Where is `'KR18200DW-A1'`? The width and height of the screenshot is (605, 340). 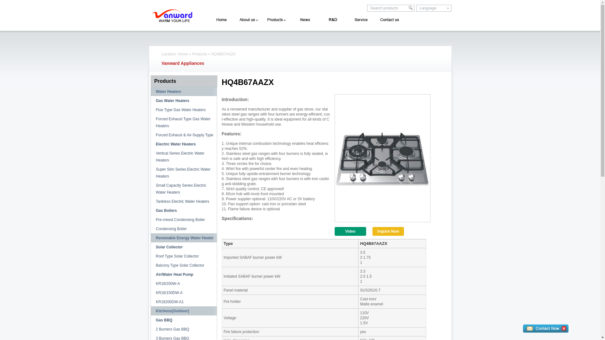 'KR18200DW-A1' is located at coordinates (183, 302).